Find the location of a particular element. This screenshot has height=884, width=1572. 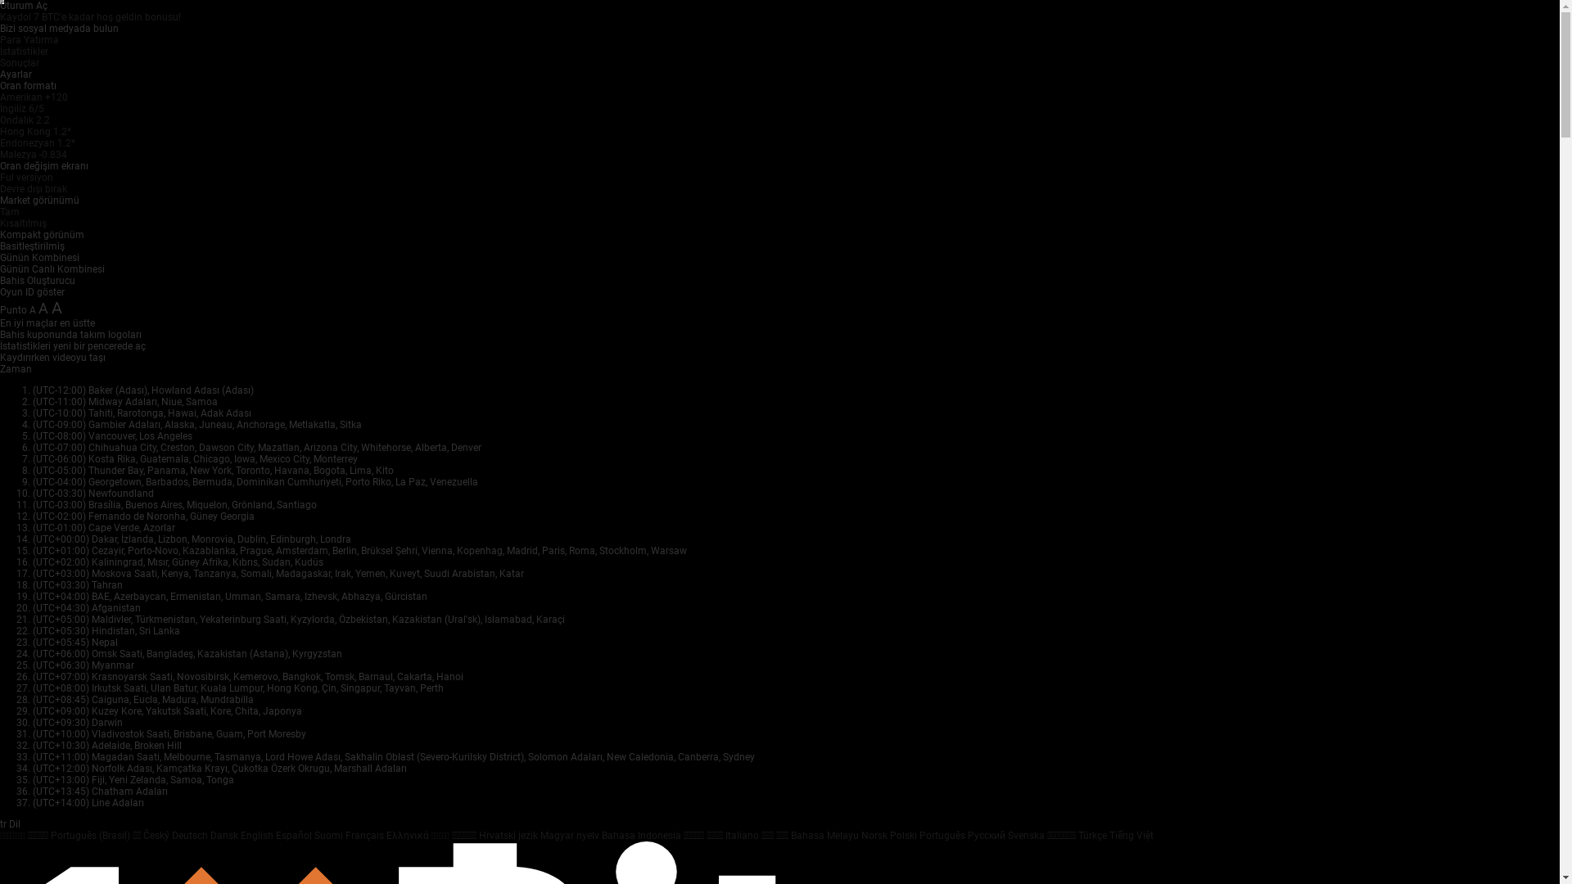

'Endonezyan 1.2*' is located at coordinates (0, 142).